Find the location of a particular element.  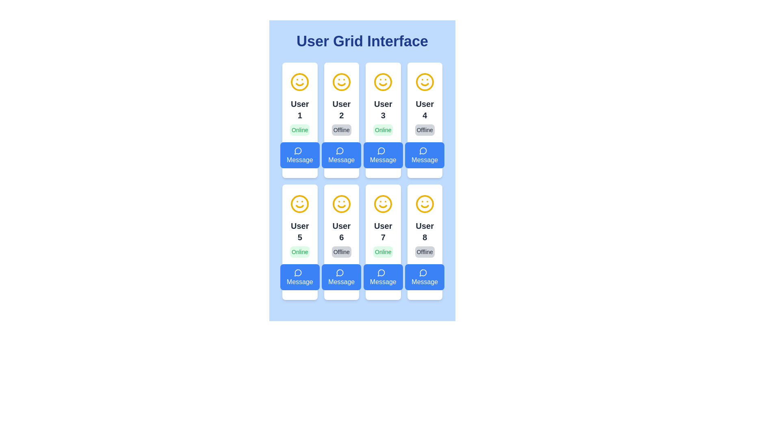

the blue rectangular button labeled 'Message' with a speech bubble icon, located at the bottom of 'User 8' card is located at coordinates (424, 277).